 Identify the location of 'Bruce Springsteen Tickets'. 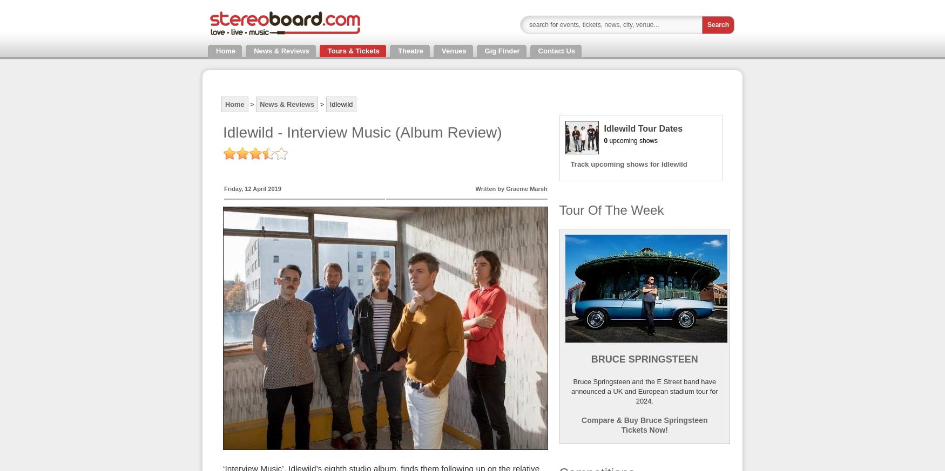
(45, 103).